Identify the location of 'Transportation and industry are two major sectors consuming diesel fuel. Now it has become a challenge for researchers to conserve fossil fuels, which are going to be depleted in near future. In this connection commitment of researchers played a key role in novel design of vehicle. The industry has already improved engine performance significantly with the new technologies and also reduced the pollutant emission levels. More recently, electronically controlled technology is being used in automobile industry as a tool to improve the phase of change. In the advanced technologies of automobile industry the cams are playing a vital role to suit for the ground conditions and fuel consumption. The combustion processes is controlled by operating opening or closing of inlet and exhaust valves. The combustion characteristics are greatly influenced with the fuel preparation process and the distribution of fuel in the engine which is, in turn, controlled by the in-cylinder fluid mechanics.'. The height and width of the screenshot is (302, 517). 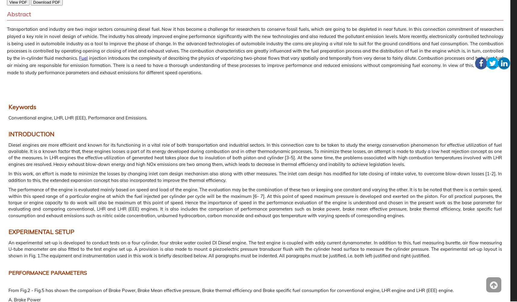
(255, 43).